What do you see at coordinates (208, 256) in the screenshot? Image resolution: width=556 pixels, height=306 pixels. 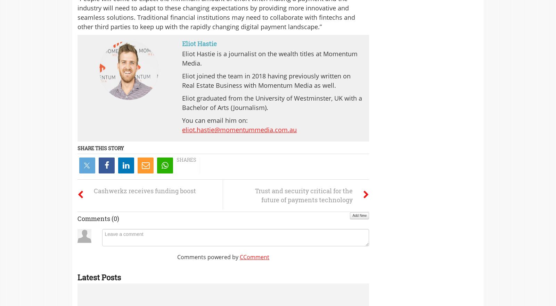 I see `'Comments powered by'` at bounding box center [208, 256].